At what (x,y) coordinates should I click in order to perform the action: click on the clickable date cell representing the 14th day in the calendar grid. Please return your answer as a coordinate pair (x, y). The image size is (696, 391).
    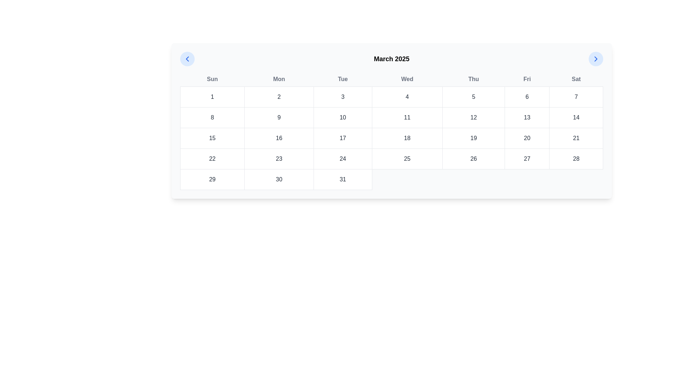
    Looking at the image, I should click on (576, 117).